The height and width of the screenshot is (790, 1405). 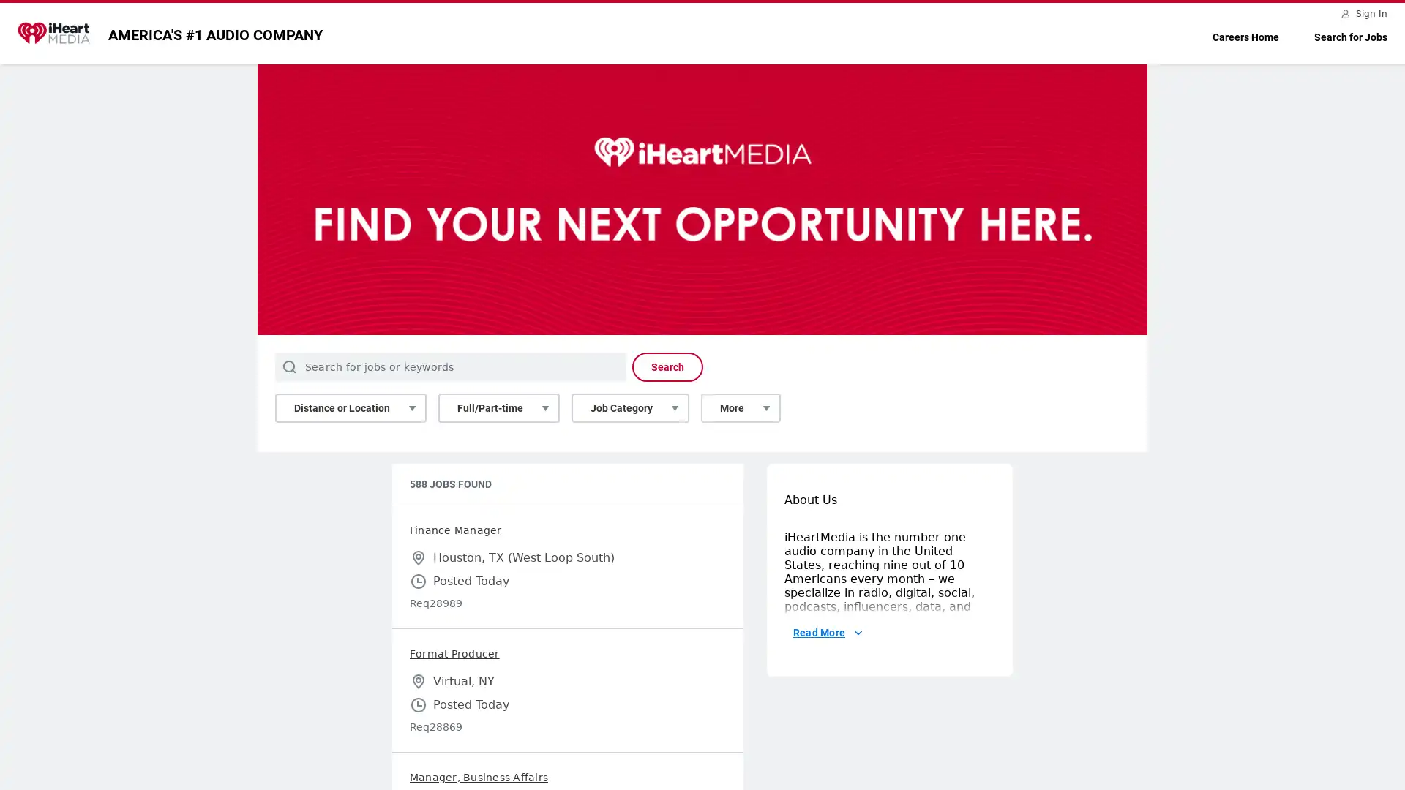 I want to click on More, so click(x=741, y=408).